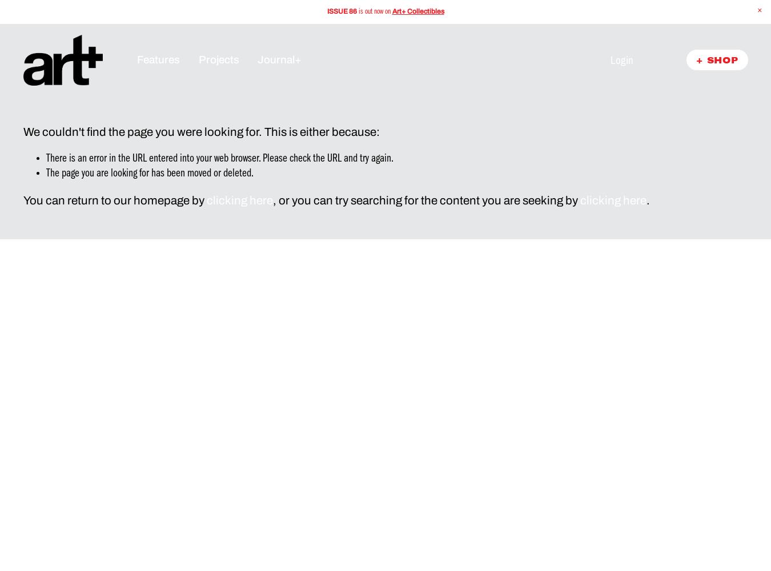 The image size is (771, 571). I want to click on 'There is an error in the URL entered into your web browser. Please check the URL and try again.', so click(45, 158).